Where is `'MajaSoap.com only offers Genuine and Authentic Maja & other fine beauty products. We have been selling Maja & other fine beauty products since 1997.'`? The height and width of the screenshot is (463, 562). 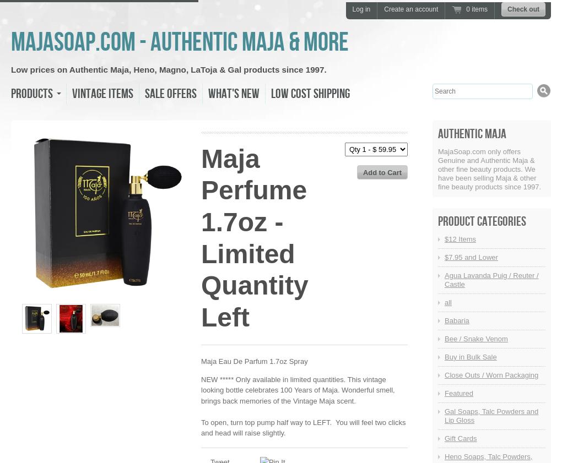
'MajaSoap.com only offers Genuine and Authentic Maja & other fine beauty products. We have been selling Maja & other fine beauty products since 1997.' is located at coordinates (437, 168).